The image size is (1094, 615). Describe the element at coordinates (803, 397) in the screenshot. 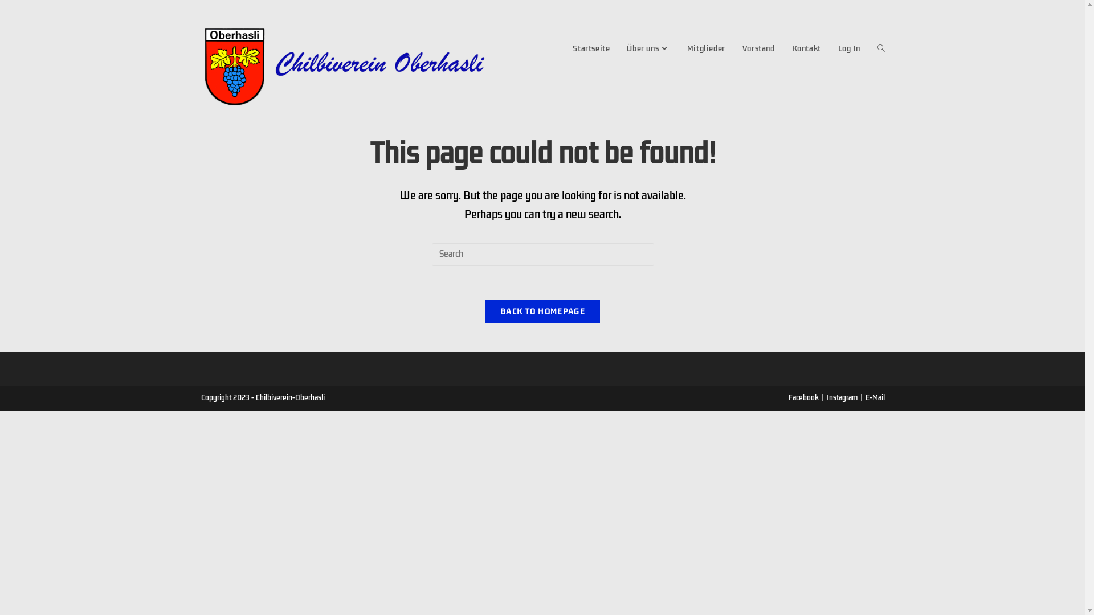

I see `'Facebook'` at that location.